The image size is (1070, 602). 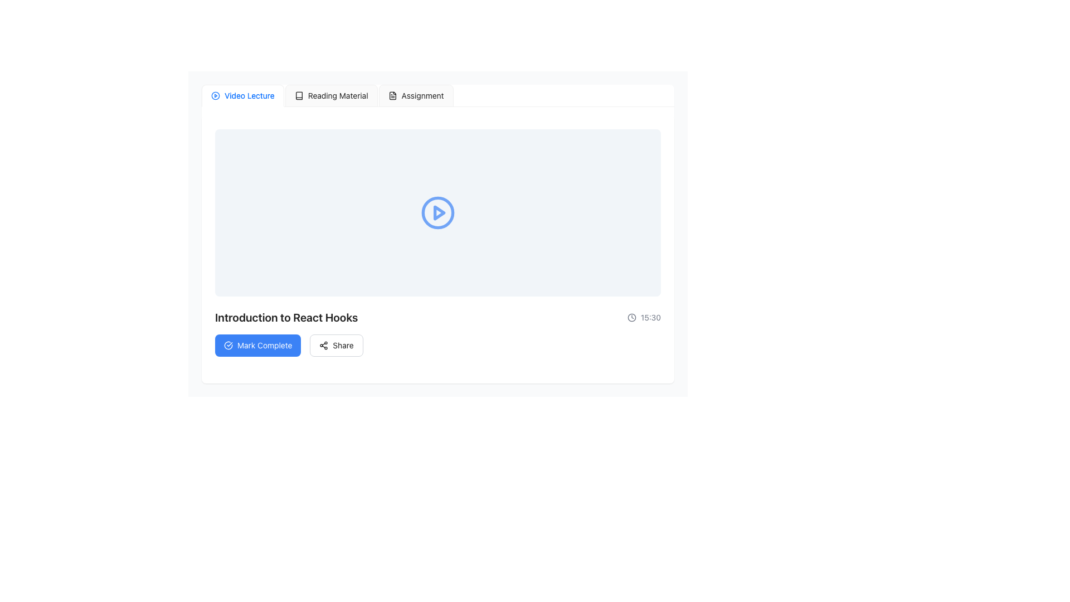 What do you see at coordinates (336, 345) in the screenshot?
I see `the share button located to the right of the 'Mark Complete' button at the bottom of the content section` at bounding box center [336, 345].